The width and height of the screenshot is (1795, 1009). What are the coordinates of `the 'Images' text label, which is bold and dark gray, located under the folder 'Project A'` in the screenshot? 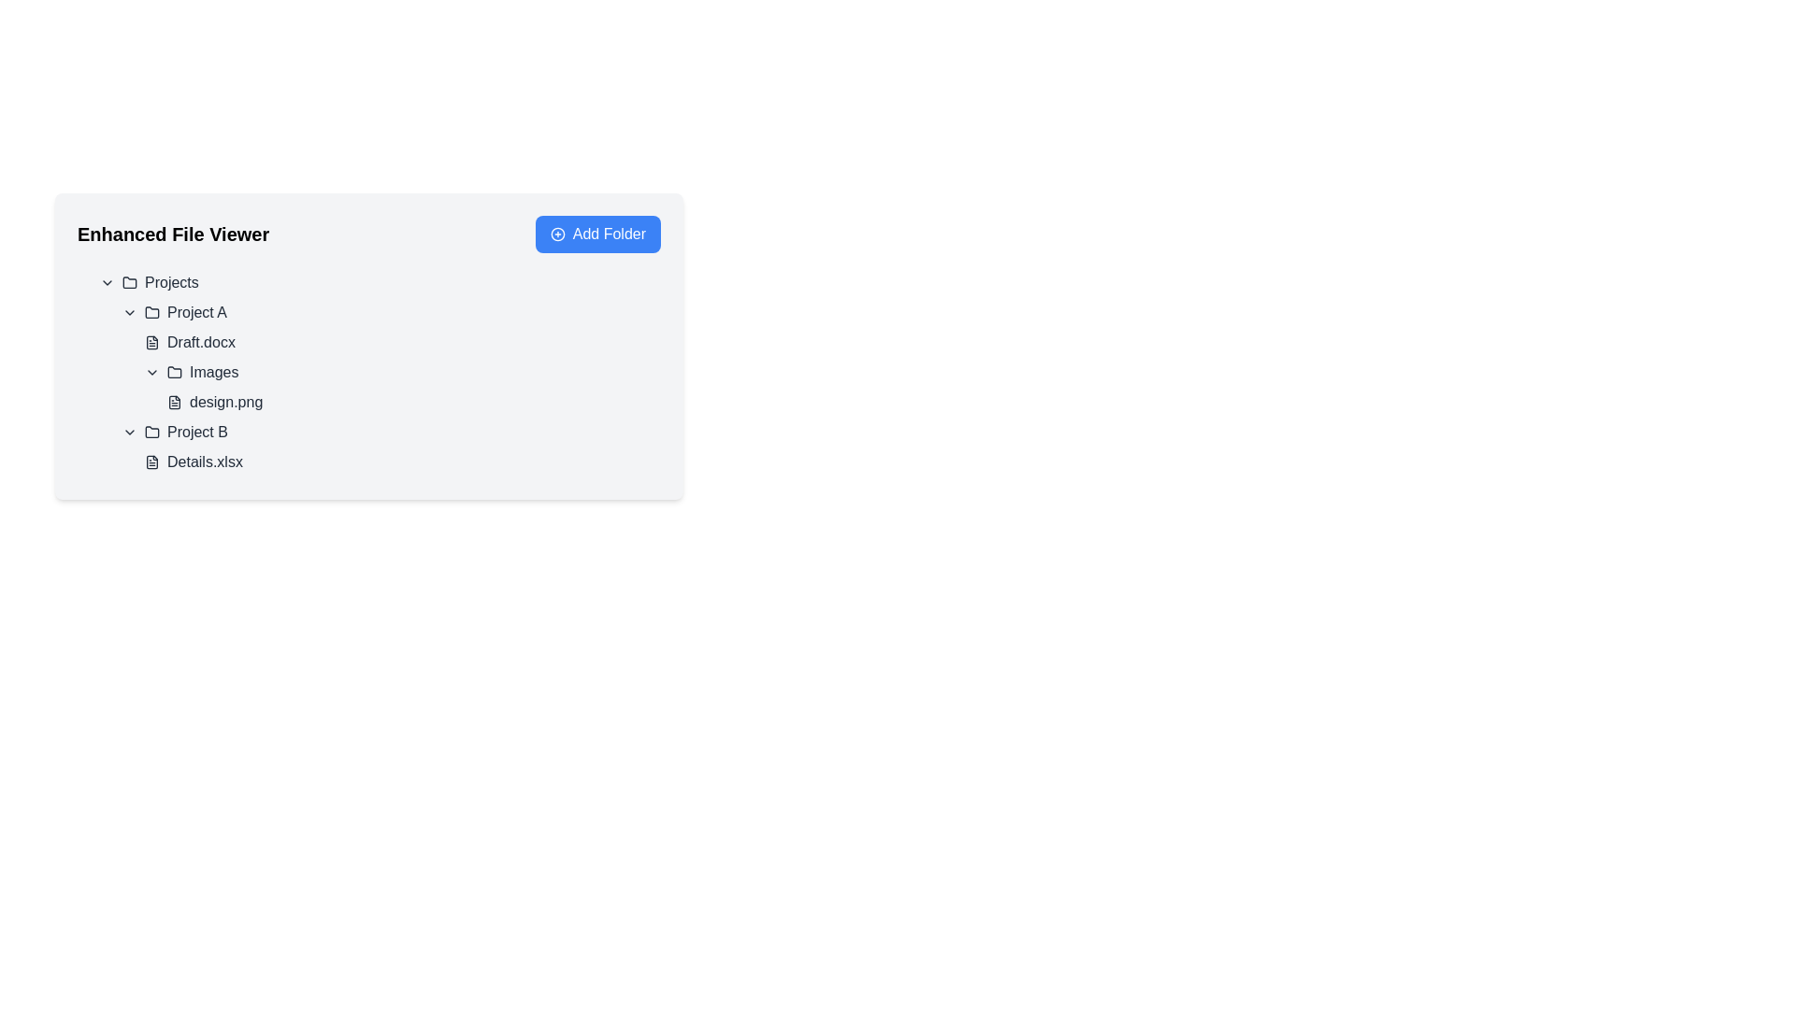 It's located at (214, 372).